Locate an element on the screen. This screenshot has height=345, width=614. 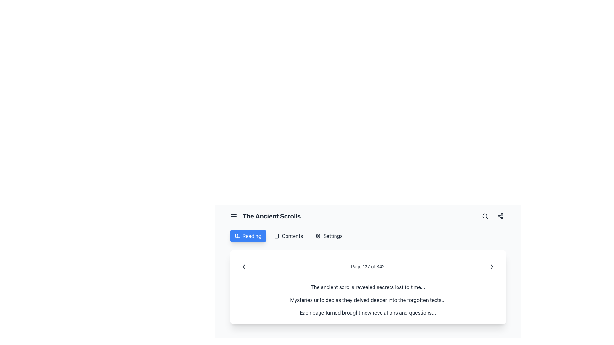
the chevron icon located in the top-left section of the card titled 'The Ancient Scrolls' is located at coordinates (243, 266).